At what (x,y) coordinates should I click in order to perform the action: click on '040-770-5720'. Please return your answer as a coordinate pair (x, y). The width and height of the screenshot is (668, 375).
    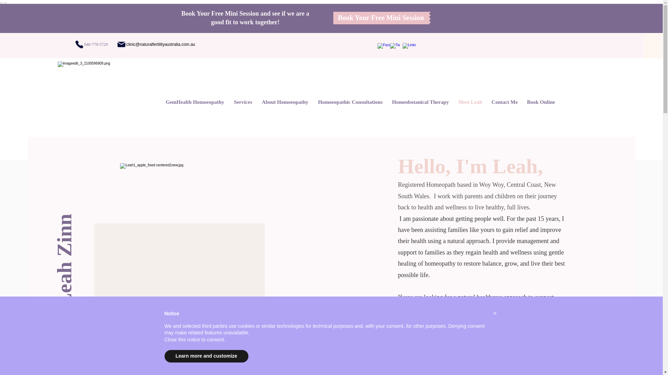
    Looking at the image, I should click on (63, 44).